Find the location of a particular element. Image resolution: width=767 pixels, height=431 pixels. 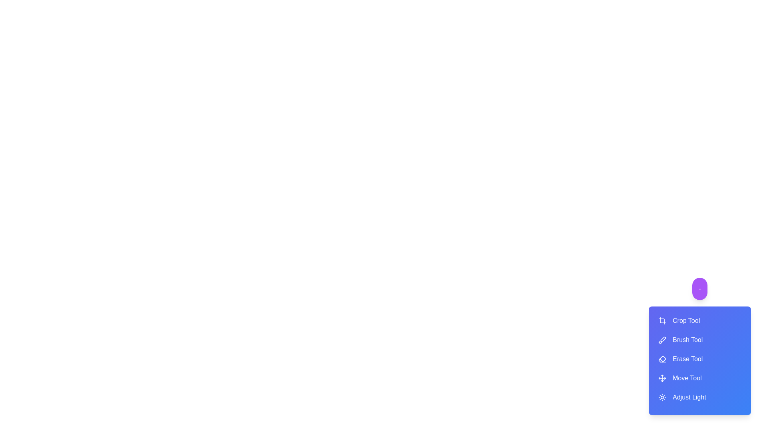

the Text label for adjusting light settings, which is located at the bottom of the vertical menu and aligned with a sun-like icon on the left is located at coordinates (689, 397).